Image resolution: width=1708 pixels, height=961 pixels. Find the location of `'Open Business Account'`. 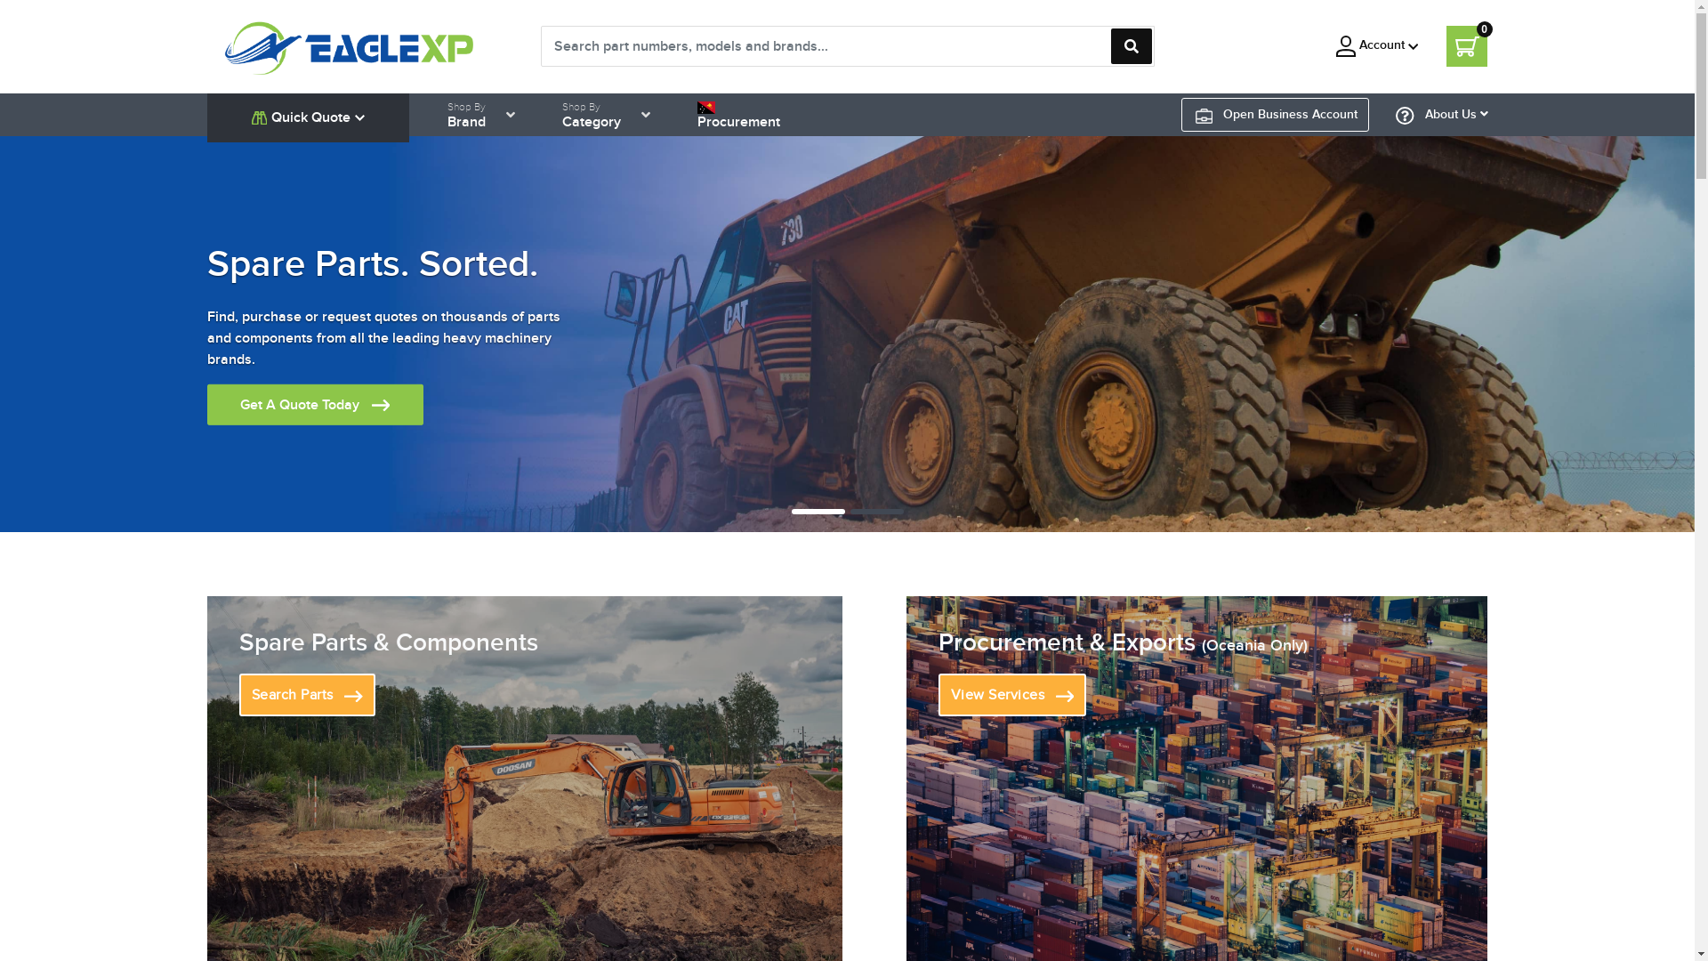

'Open Business Account' is located at coordinates (1276, 114).